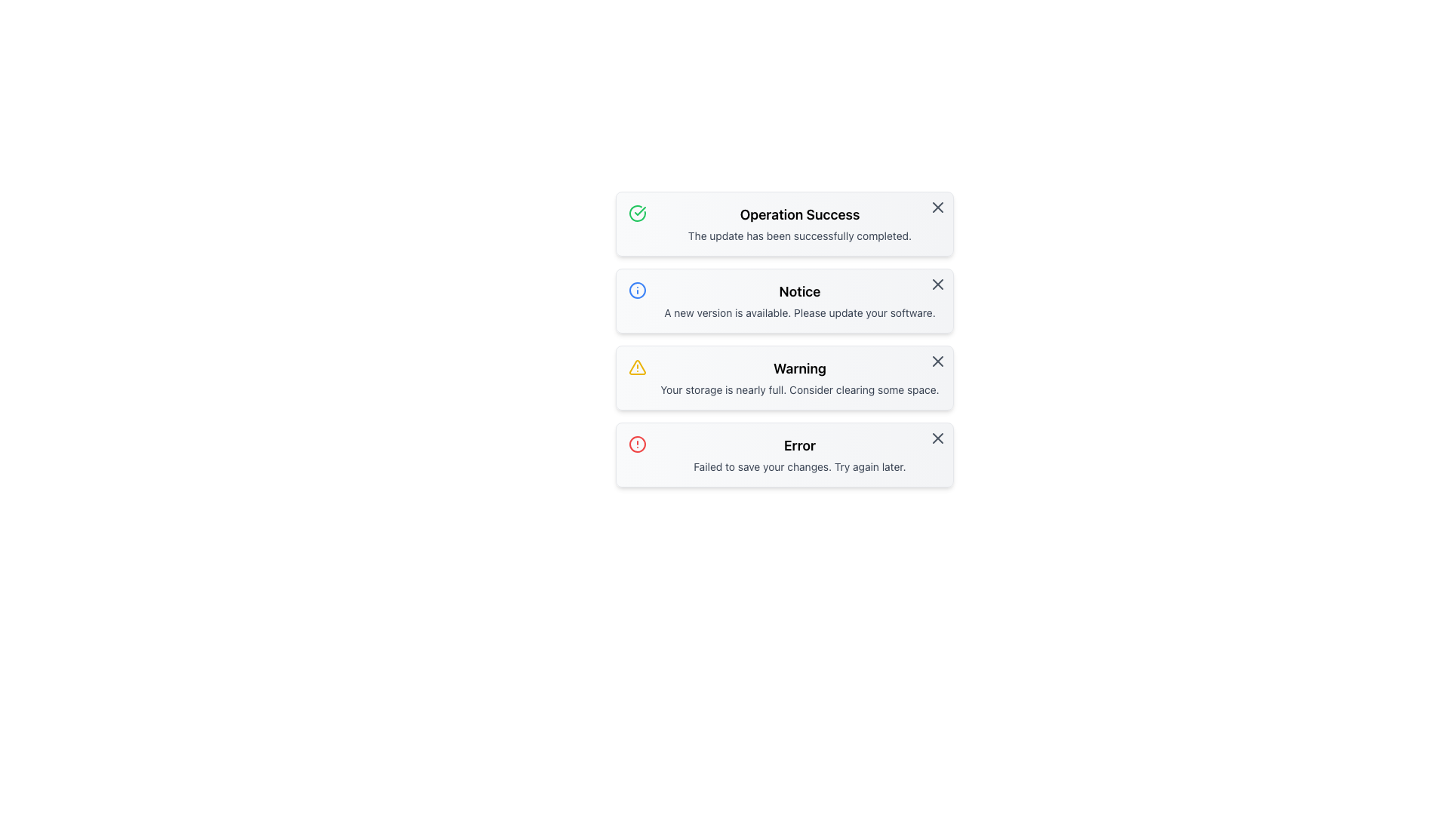  Describe the element at coordinates (799, 454) in the screenshot. I see `error notification box located at the bottom of the notification stack, which provides feedback about a failed action and suggests trying again later` at that location.